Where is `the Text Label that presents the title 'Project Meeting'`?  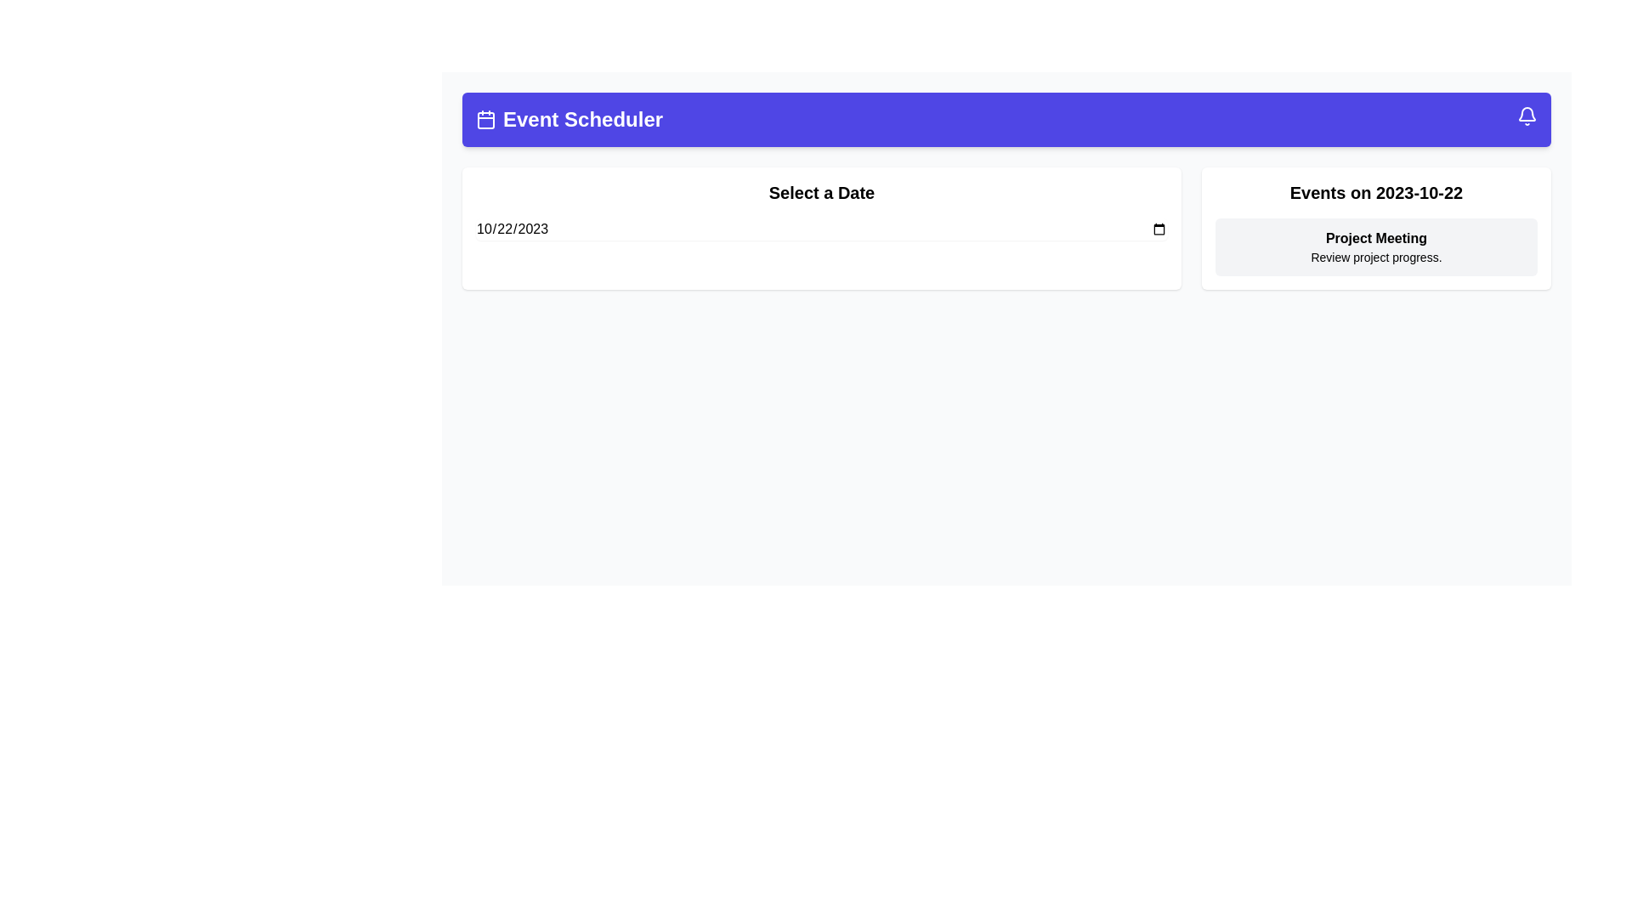
the Text Label that presents the title 'Project Meeting' is located at coordinates (1376, 239).